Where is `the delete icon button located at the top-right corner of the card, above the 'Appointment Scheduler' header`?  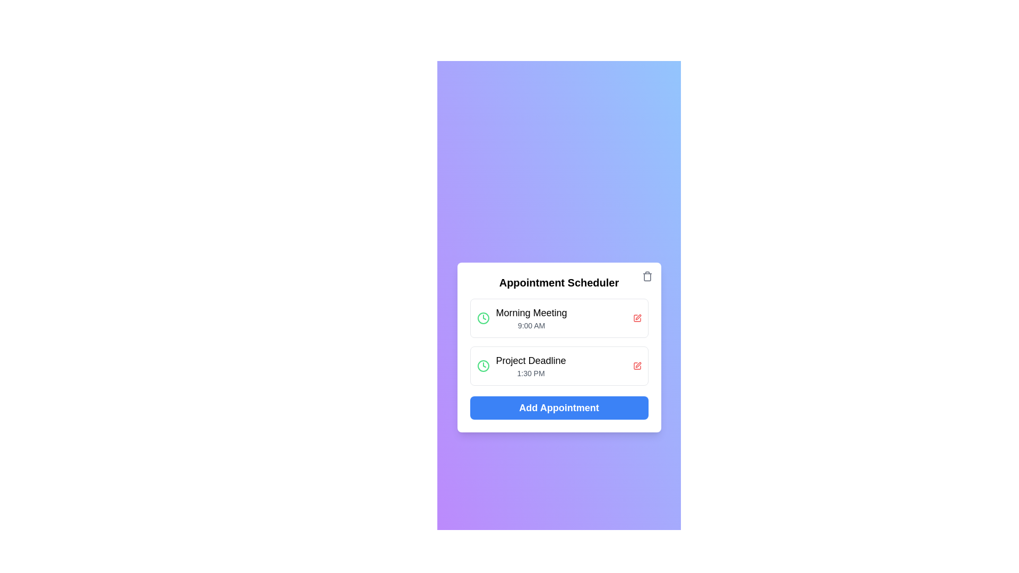 the delete icon button located at the top-right corner of the card, above the 'Appointment Scheduler' header is located at coordinates (646, 275).